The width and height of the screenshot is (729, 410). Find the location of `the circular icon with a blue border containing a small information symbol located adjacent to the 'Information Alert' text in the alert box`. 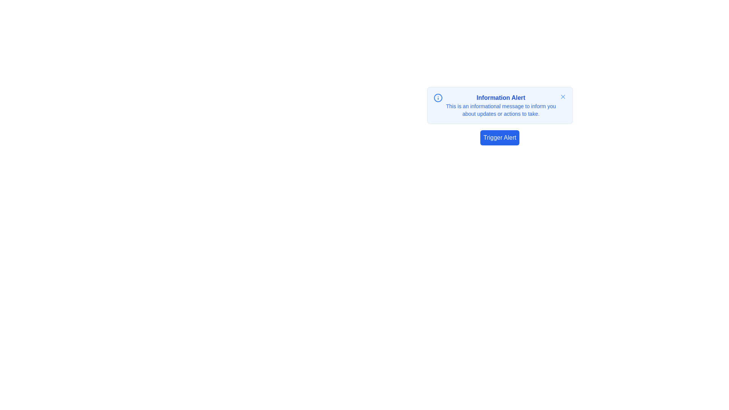

the circular icon with a blue border containing a small information symbol located adjacent to the 'Information Alert' text in the alert box is located at coordinates (438, 98).